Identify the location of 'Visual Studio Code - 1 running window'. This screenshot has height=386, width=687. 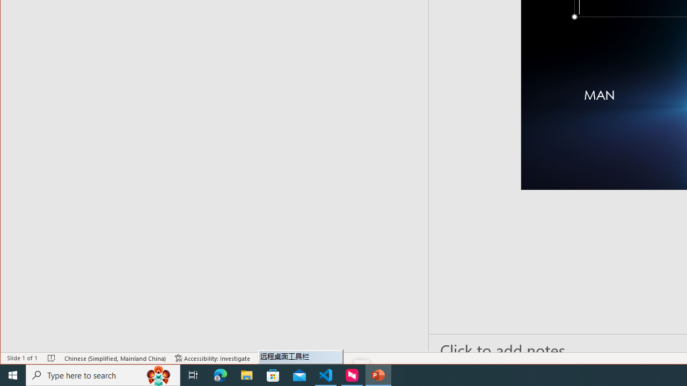
(325, 374).